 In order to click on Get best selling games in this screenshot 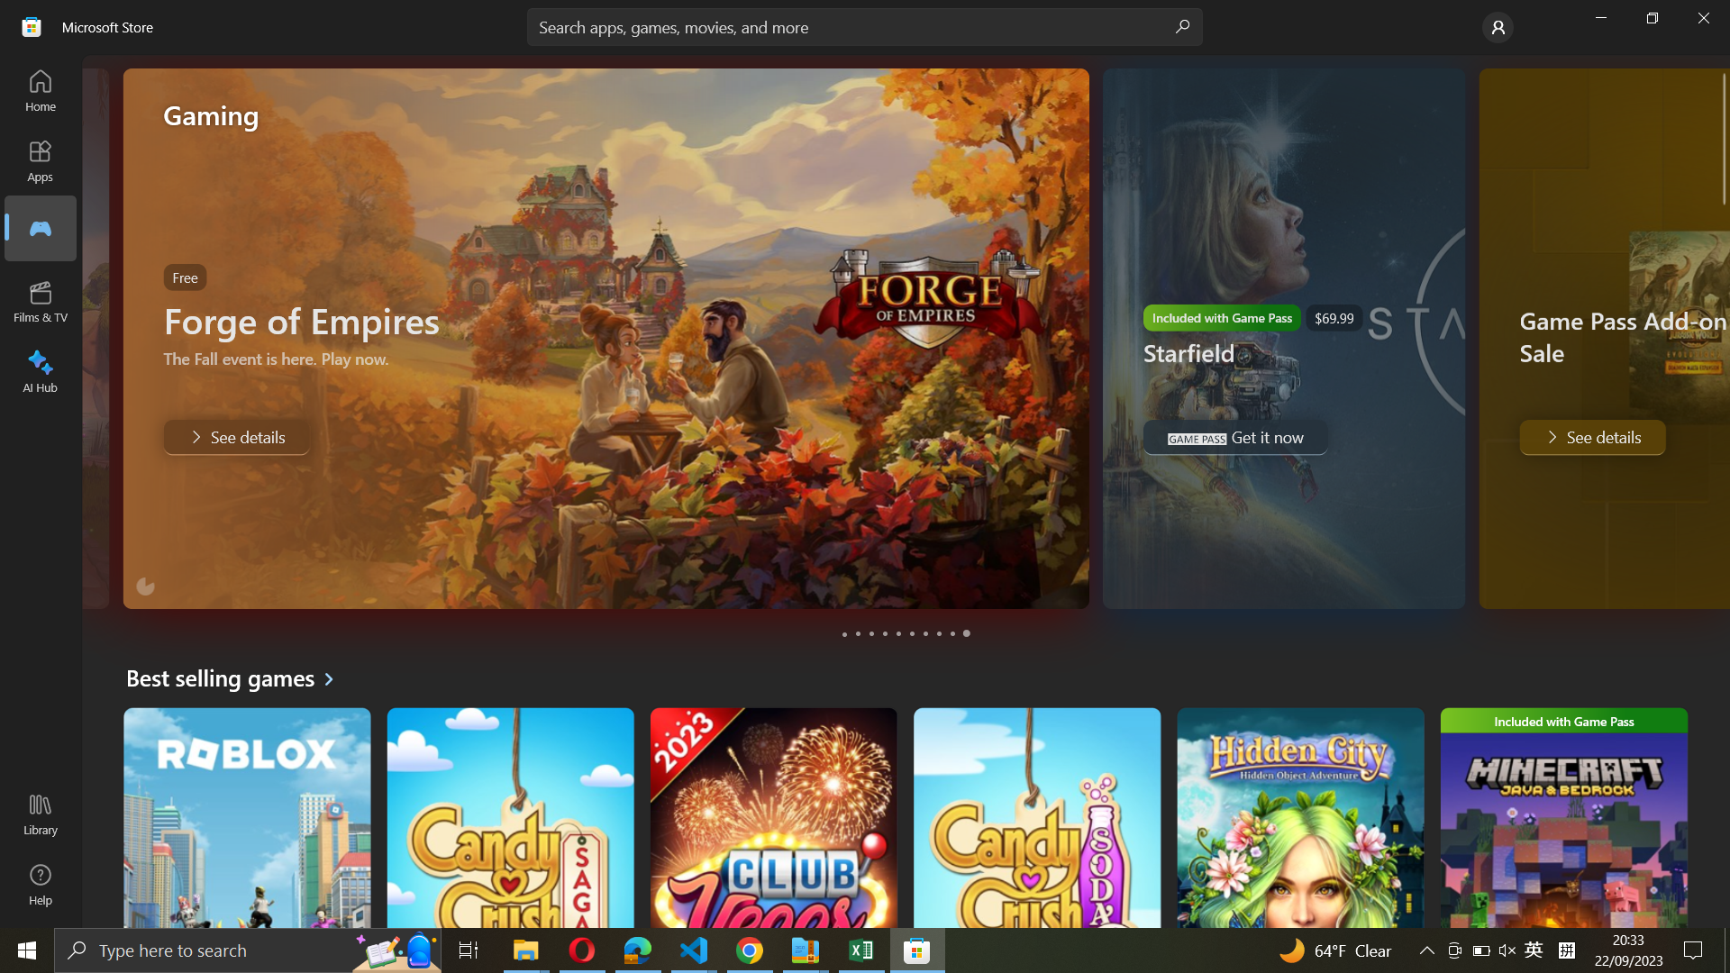, I will do `click(236, 677)`.